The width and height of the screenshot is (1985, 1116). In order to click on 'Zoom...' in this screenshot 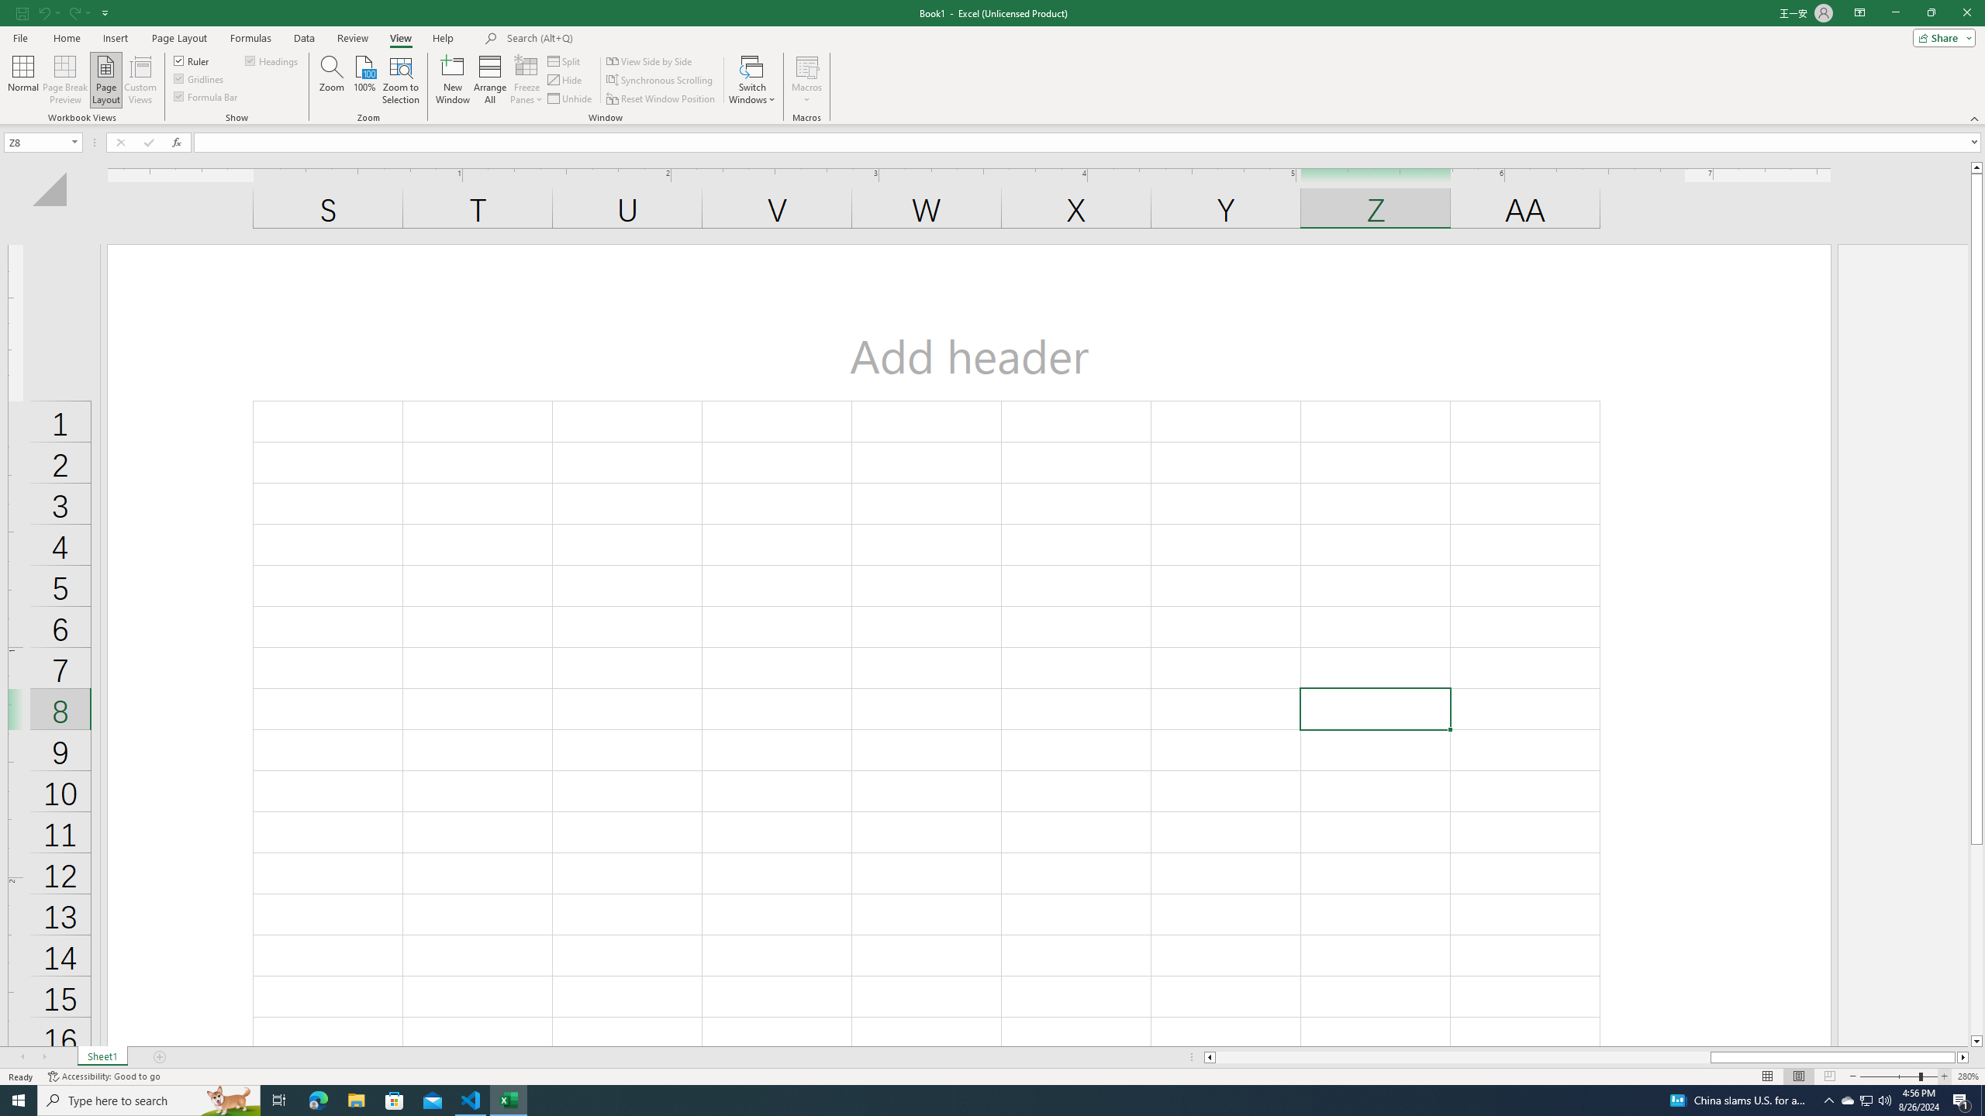, I will do `click(331, 80)`.